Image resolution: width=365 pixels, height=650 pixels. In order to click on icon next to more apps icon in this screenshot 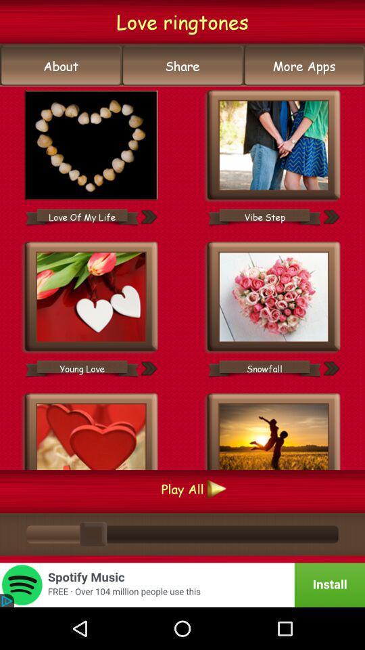, I will do `click(182, 66)`.